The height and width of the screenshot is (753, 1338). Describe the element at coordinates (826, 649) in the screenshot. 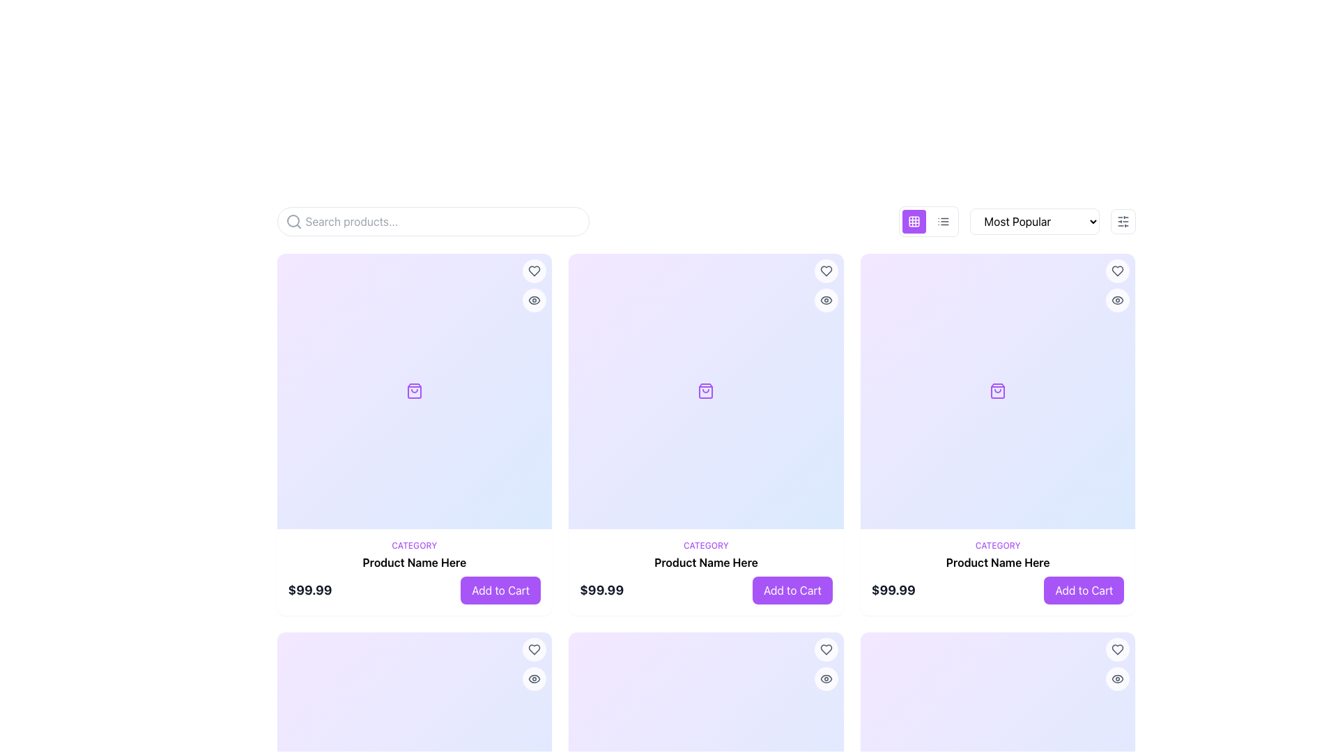

I see `the circular button with a white background and a heart icon` at that location.